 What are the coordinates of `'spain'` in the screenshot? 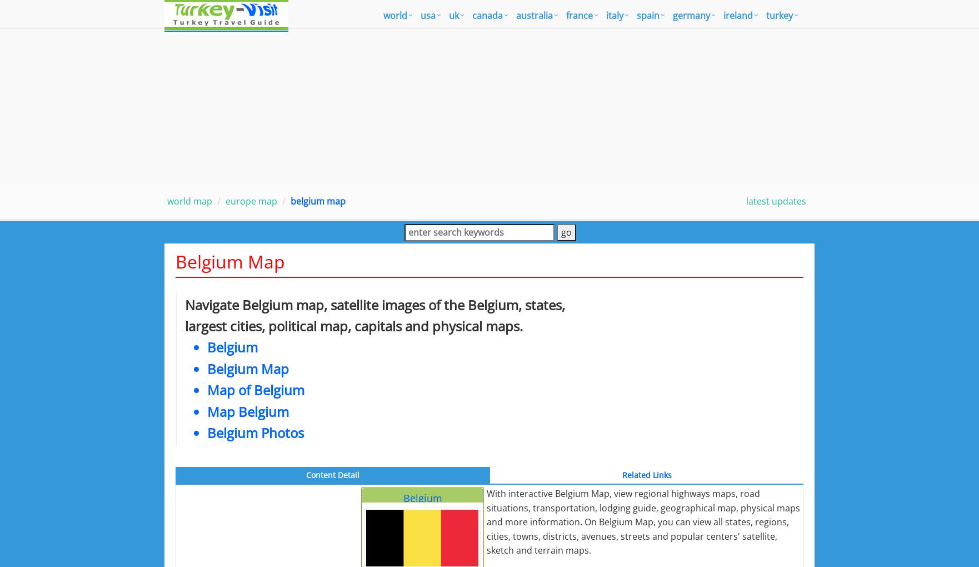 It's located at (648, 15).